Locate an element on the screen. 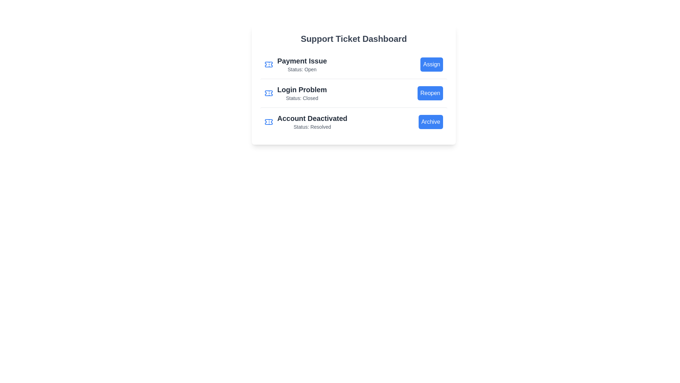 The height and width of the screenshot is (383, 680). the ticket title Account Deactivated from the list is located at coordinates (306, 121).